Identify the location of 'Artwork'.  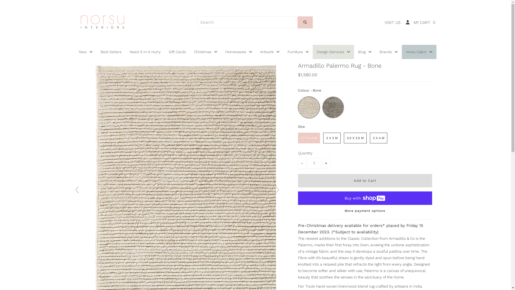
(269, 52).